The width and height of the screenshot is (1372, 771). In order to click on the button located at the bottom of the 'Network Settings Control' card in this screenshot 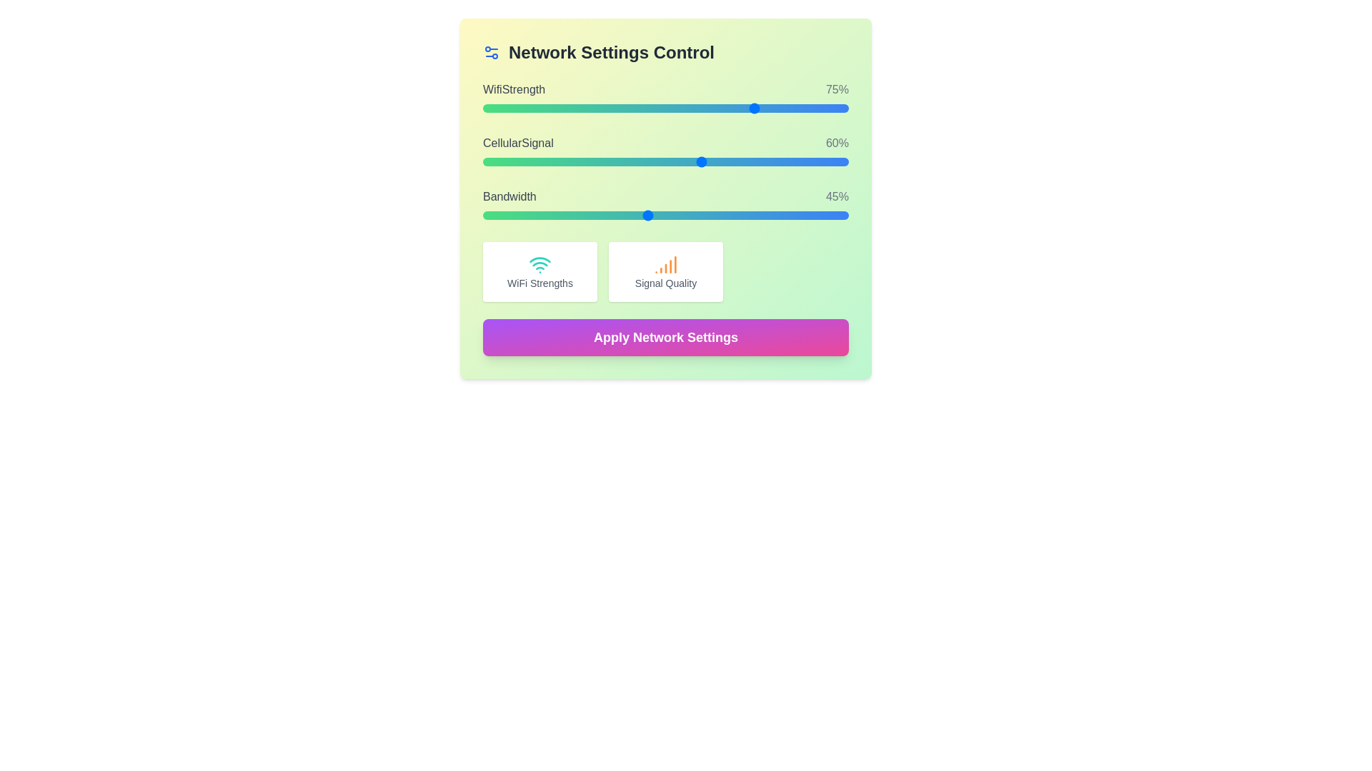, I will do `click(665, 338)`.